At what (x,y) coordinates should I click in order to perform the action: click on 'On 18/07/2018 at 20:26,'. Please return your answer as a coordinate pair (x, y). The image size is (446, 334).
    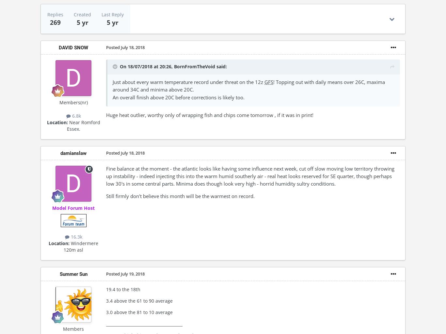
    Looking at the image, I should click on (146, 66).